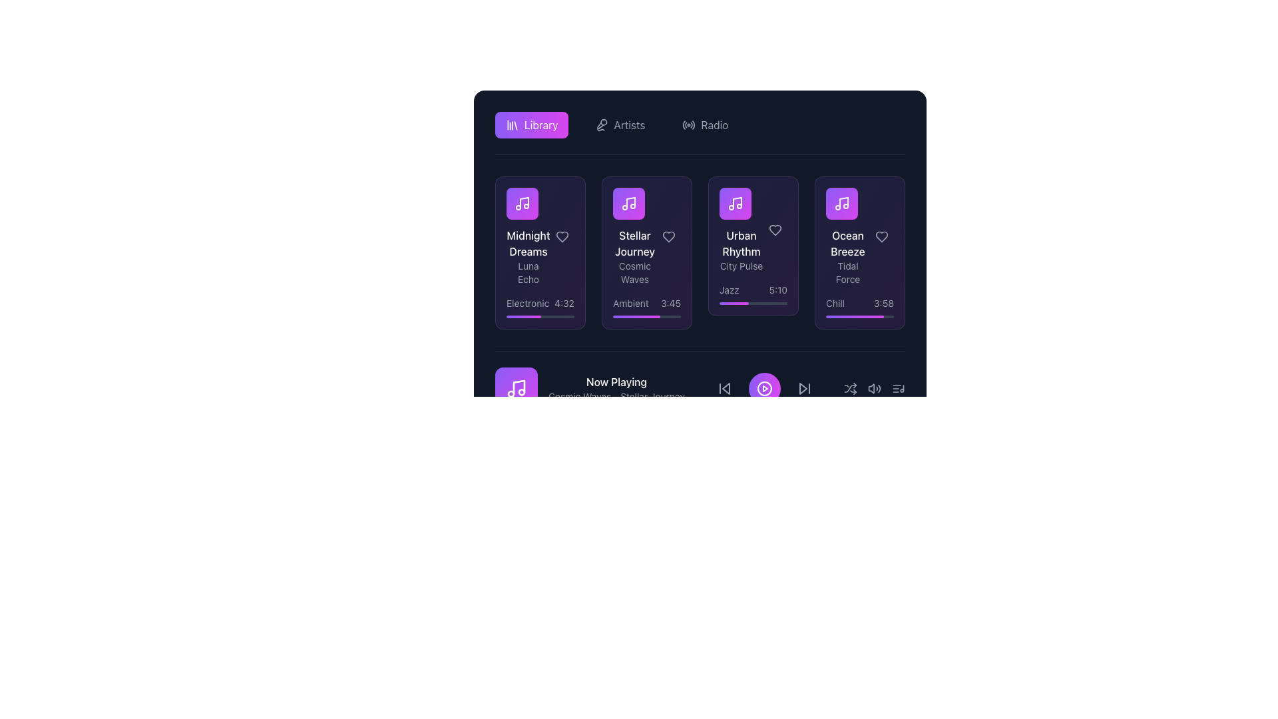 The height and width of the screenshot is (719, 1278). I want to click on the microphone icon located under the 'Artists' label in the top navigation bar, which is the middle icon among three icons, so click(600, 125).